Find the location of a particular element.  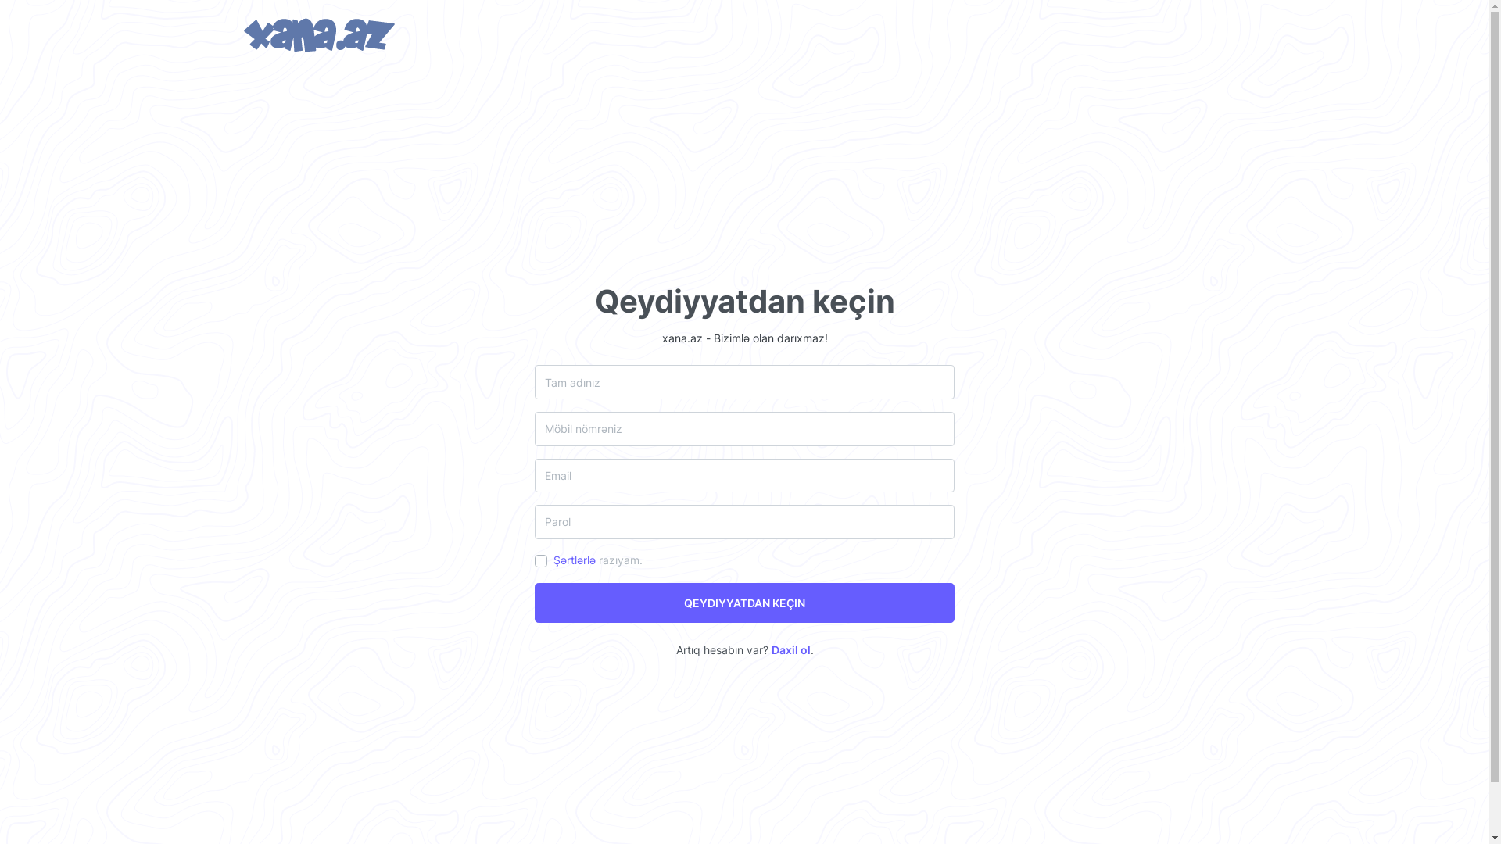

'Daxil ol' is located at coordinates (790, 649).